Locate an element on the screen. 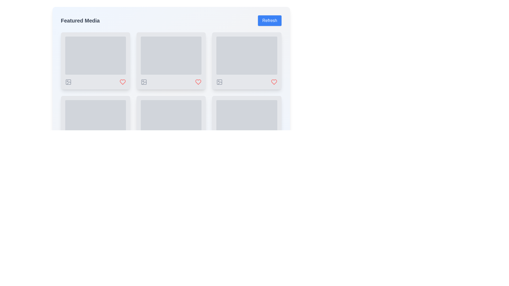  the interactive icons in the action bar located at the bottom of the card layout is located at coordinates (95, 82).